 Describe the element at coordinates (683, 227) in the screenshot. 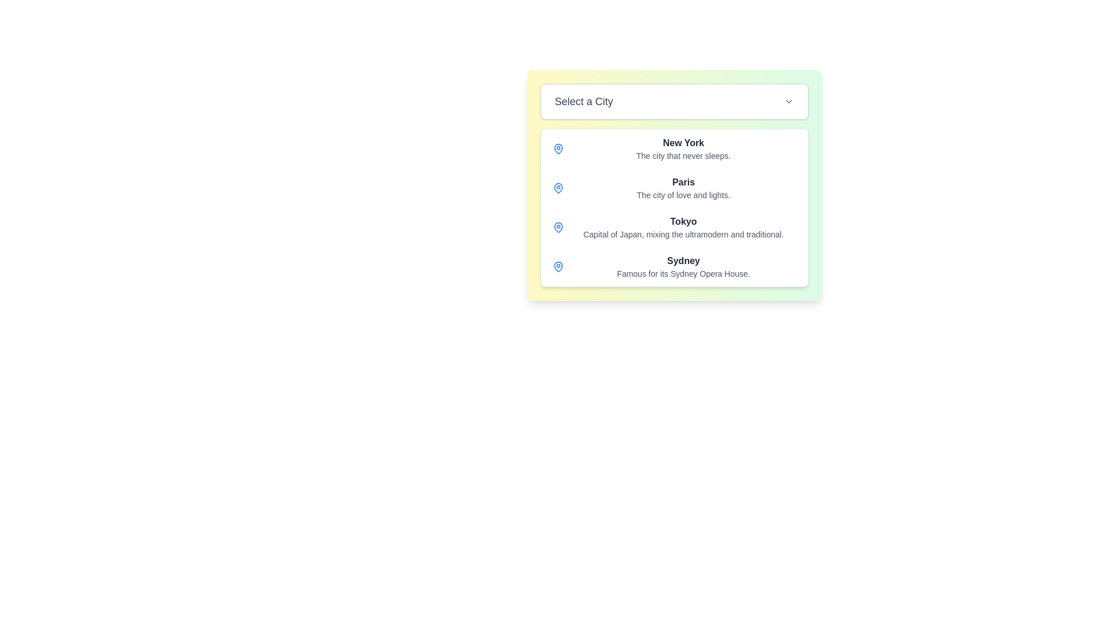

I see `text of the third list item located beneath the 'Select a City' dropdown, positioned between 'Paris' and 'Sydney'` at that location.